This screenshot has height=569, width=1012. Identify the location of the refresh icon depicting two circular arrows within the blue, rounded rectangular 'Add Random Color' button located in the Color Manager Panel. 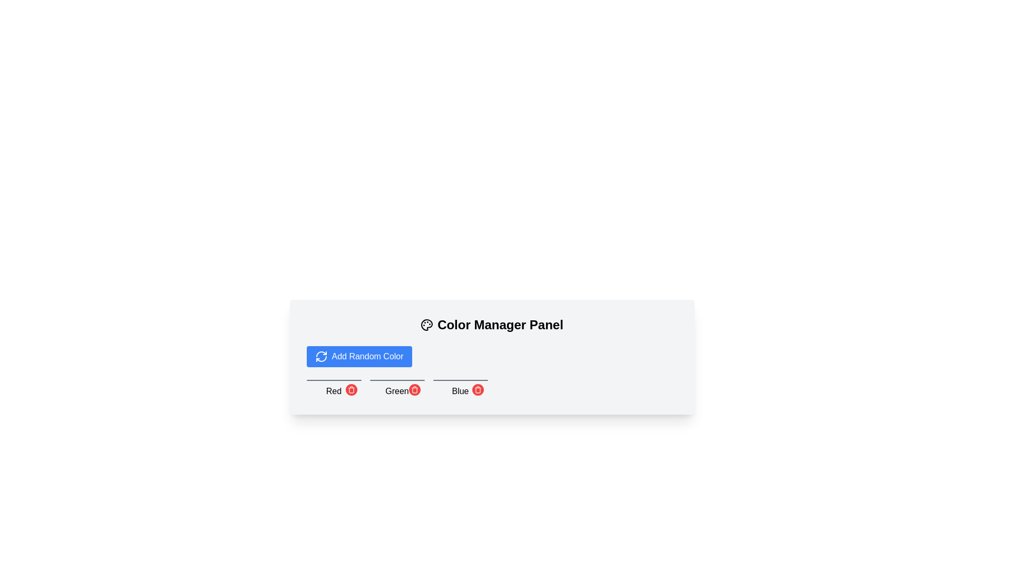
(320, 356).